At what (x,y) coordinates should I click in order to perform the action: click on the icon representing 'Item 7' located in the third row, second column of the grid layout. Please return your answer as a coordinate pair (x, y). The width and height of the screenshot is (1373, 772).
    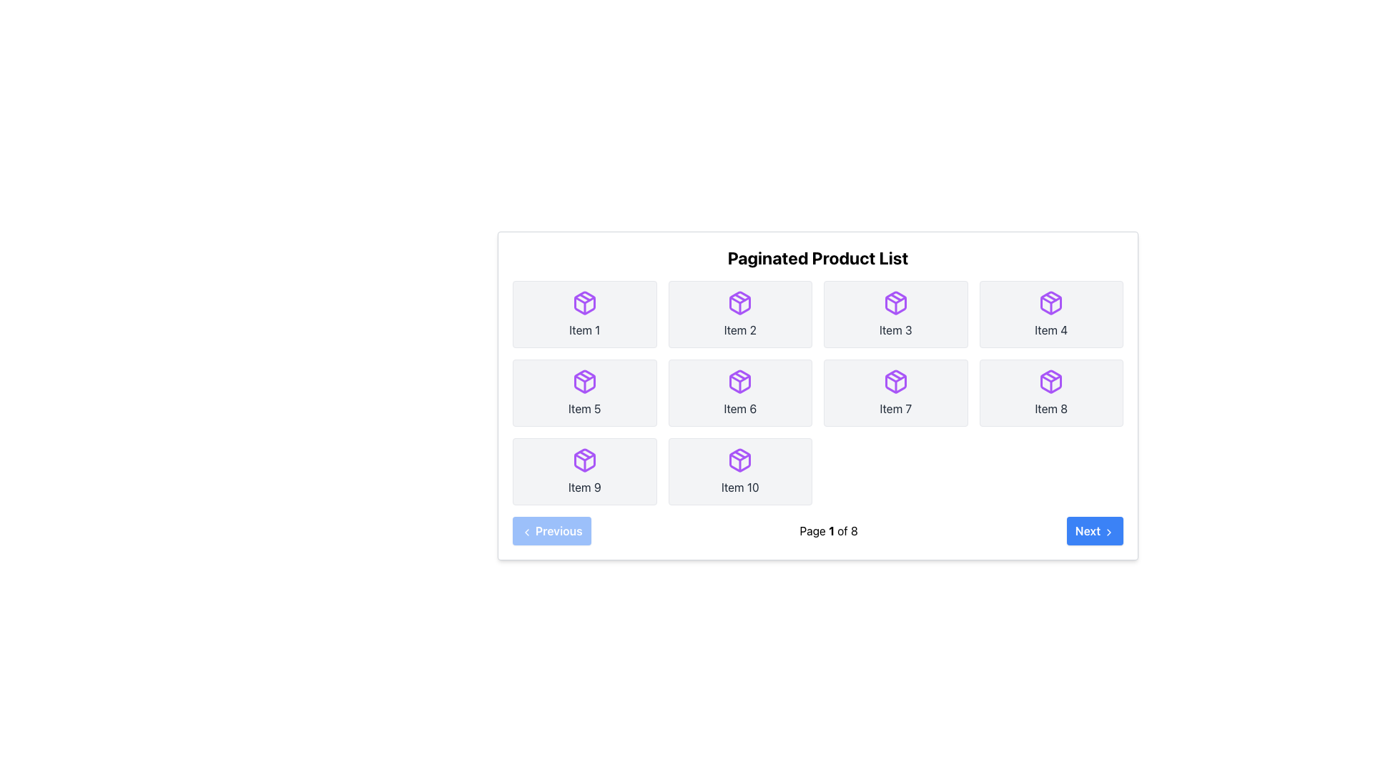
    Looking at the image, I should click on (895, 380).